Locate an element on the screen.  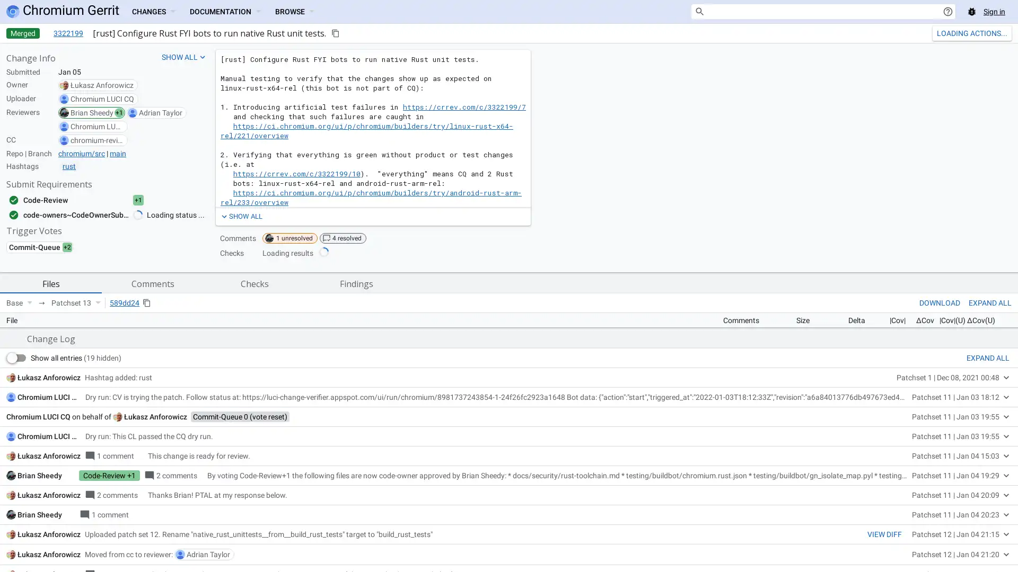
SHOW ALL is located at coordinates (184, 57).